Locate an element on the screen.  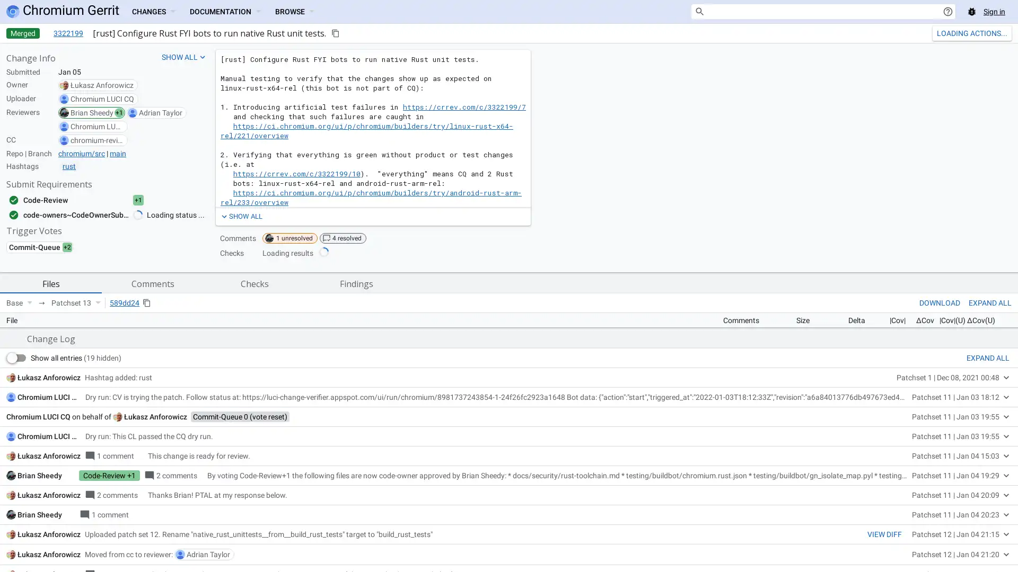
SHOW ALL is located at coordinates (184, 57).